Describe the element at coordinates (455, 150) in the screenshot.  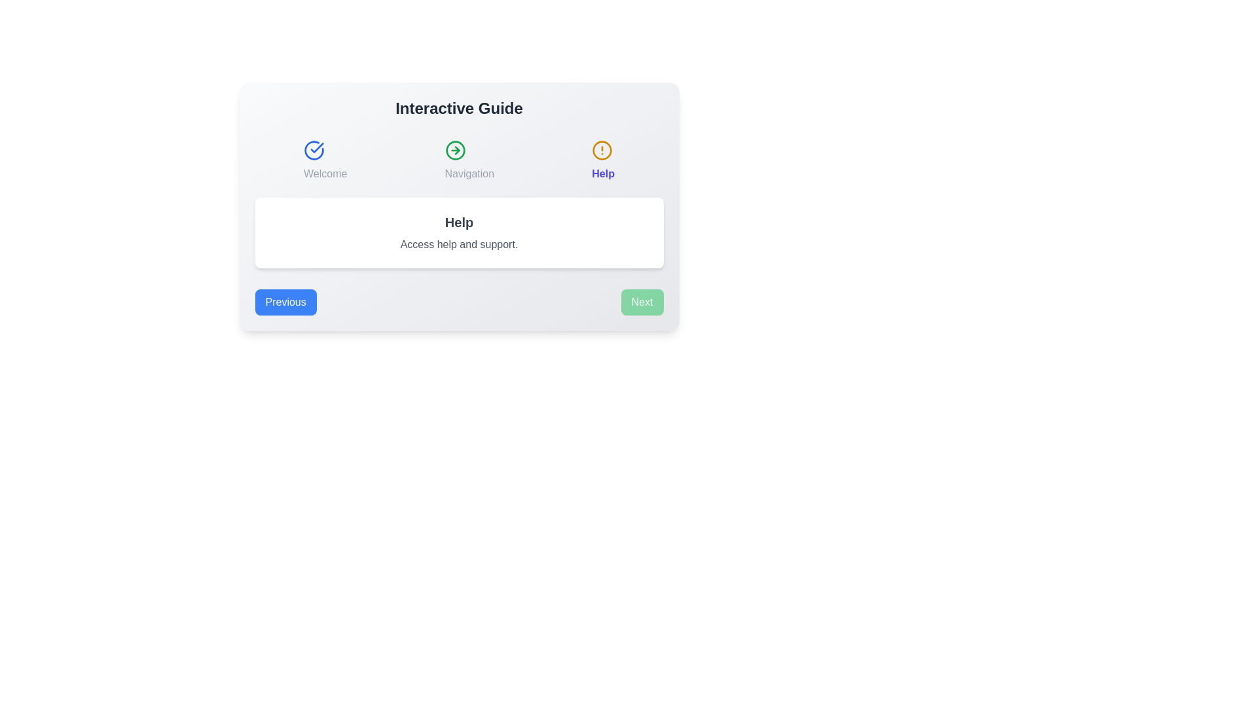
I see `the green circular navigation icon with a right-facing arrow at its center, located at the top of the interface` at that location.